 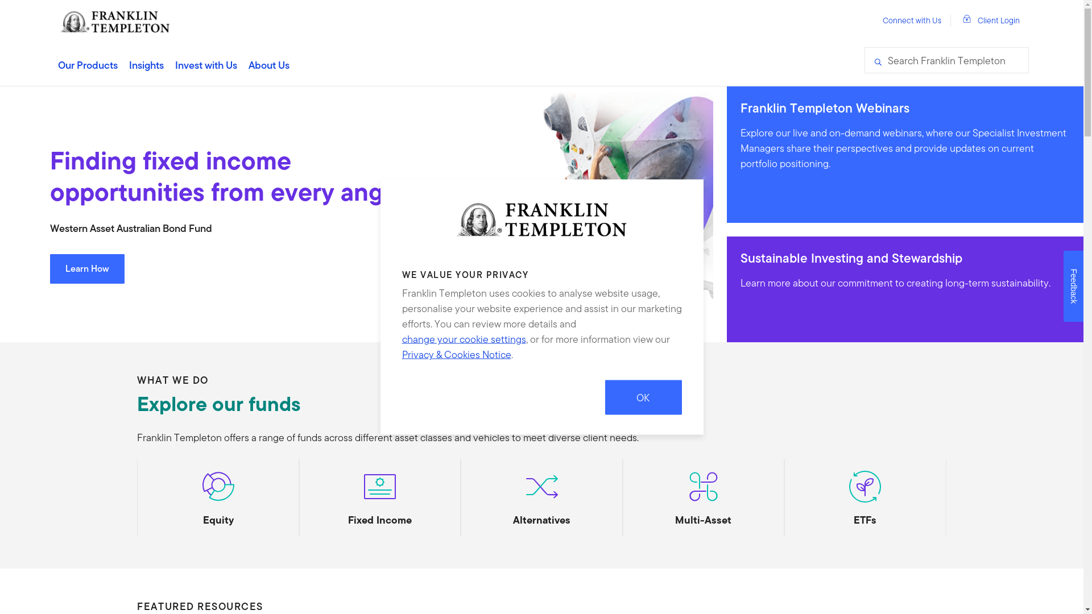 I want to click on 'Alternatives', so click(x=540, y=497).